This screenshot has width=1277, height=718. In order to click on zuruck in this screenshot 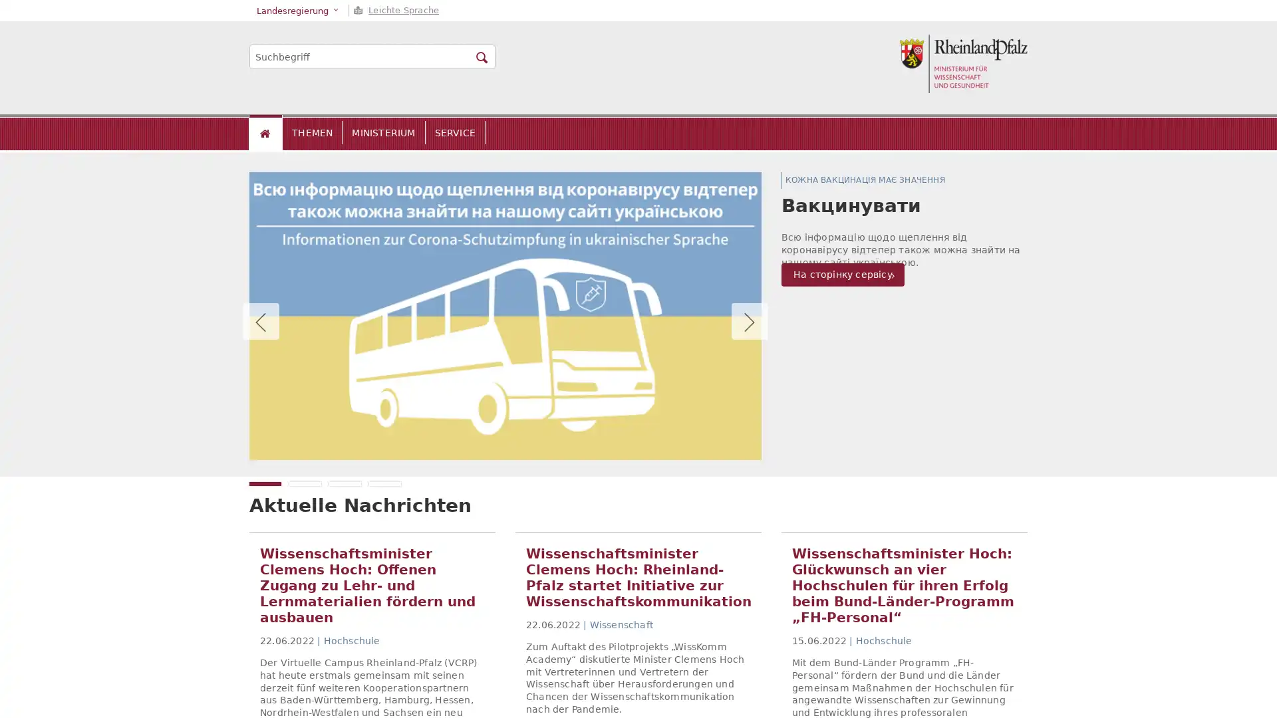, I will do `click(261, 321)`.